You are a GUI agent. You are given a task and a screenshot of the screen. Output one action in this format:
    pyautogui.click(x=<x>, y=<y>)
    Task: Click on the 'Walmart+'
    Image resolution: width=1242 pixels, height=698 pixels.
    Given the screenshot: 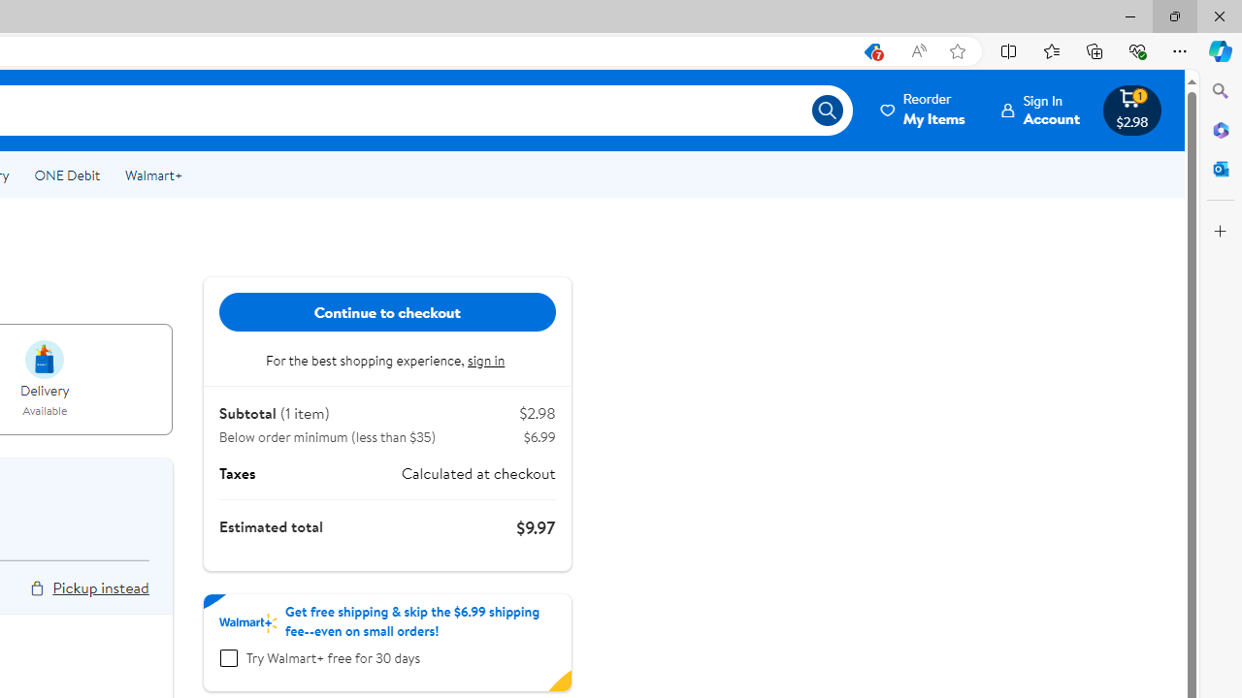 What is the action you would take?
    pyautogui.click(x=152, y=175)
    